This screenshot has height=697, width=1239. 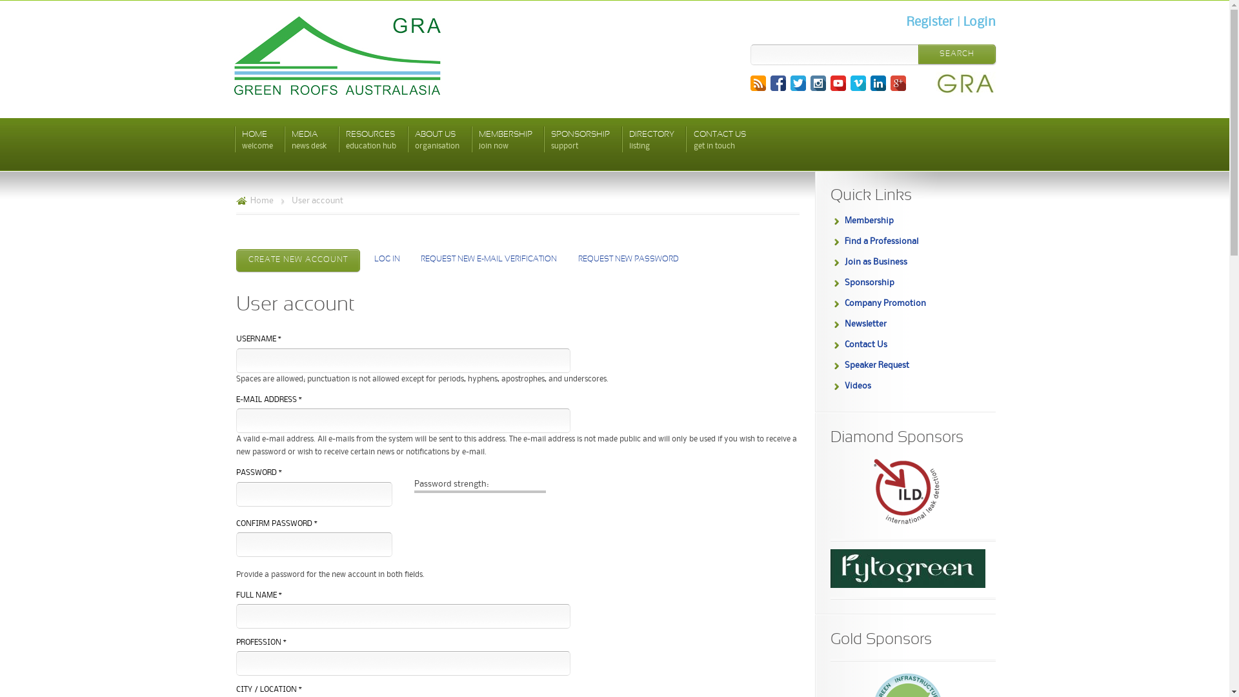 What do you see at coordinates (579, 142) in the screenshot?
I see `'SPONSORSHIP` at bounding box center [579, 142].